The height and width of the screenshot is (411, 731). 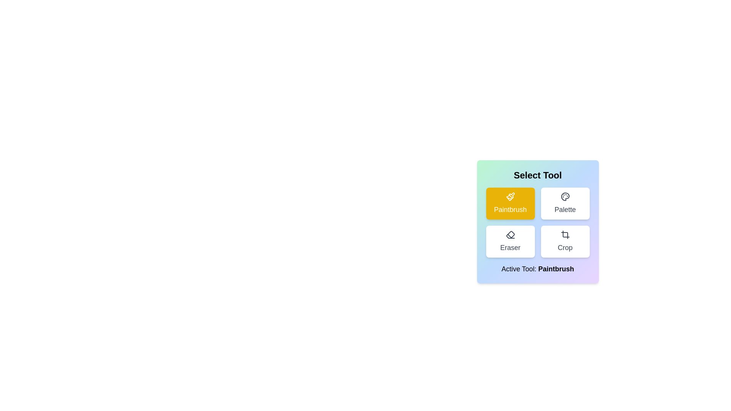 What do you see at coordinates (565, 203) in the screenshot?
I see `the Palette button to observe its hover effect` at bounding box center [565, 203].